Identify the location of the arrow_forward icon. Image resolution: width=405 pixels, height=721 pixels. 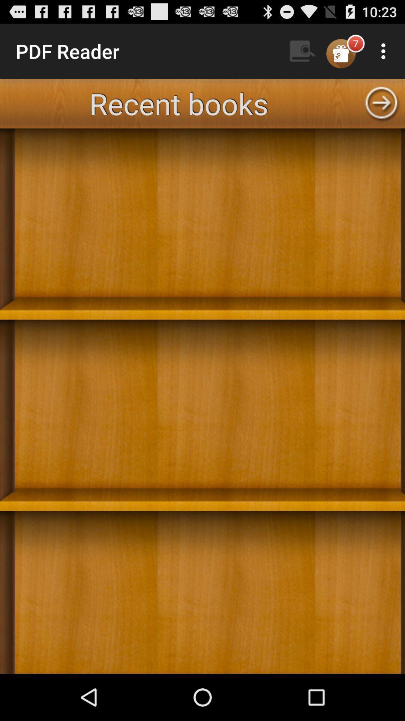
(381, 110).